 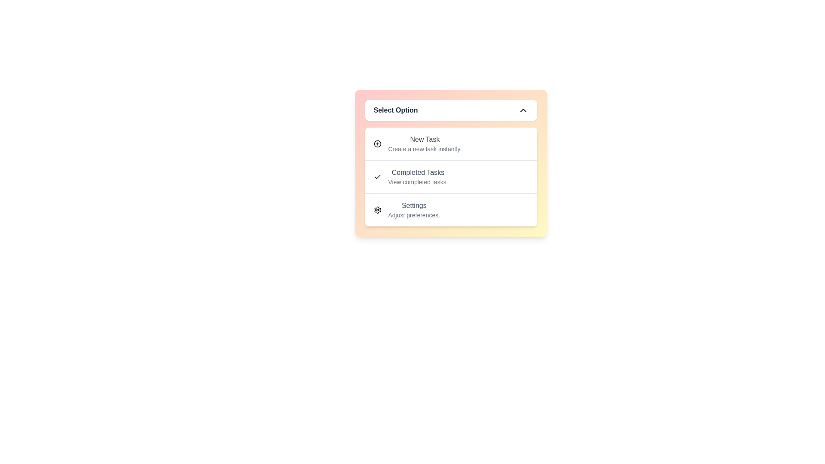 What do you see at coordinates (450, 110) in the screenshot?
I see `the dropdown button to toggle the menu visibility` at bounding box center [450, 110].